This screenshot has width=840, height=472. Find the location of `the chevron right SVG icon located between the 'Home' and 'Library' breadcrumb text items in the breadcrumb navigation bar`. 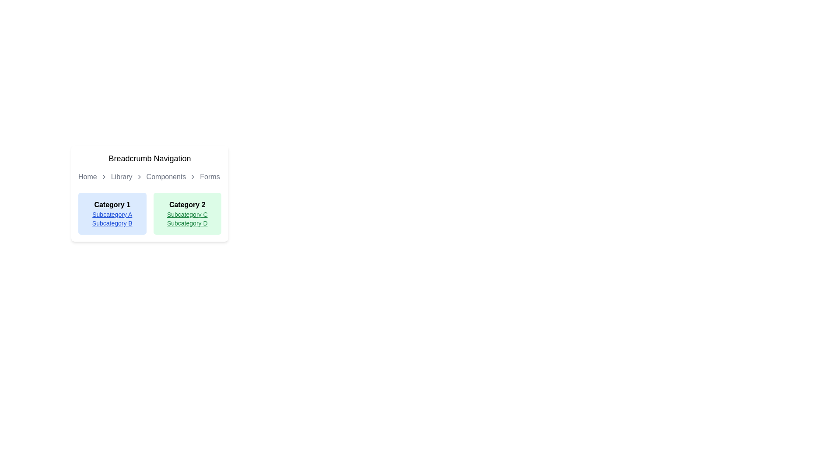

the chevron right SVG icon located between the 'Home' and 'Library' breadcrumb text items in the breadcrumb navigation bar is located at coordinates (104, 177).